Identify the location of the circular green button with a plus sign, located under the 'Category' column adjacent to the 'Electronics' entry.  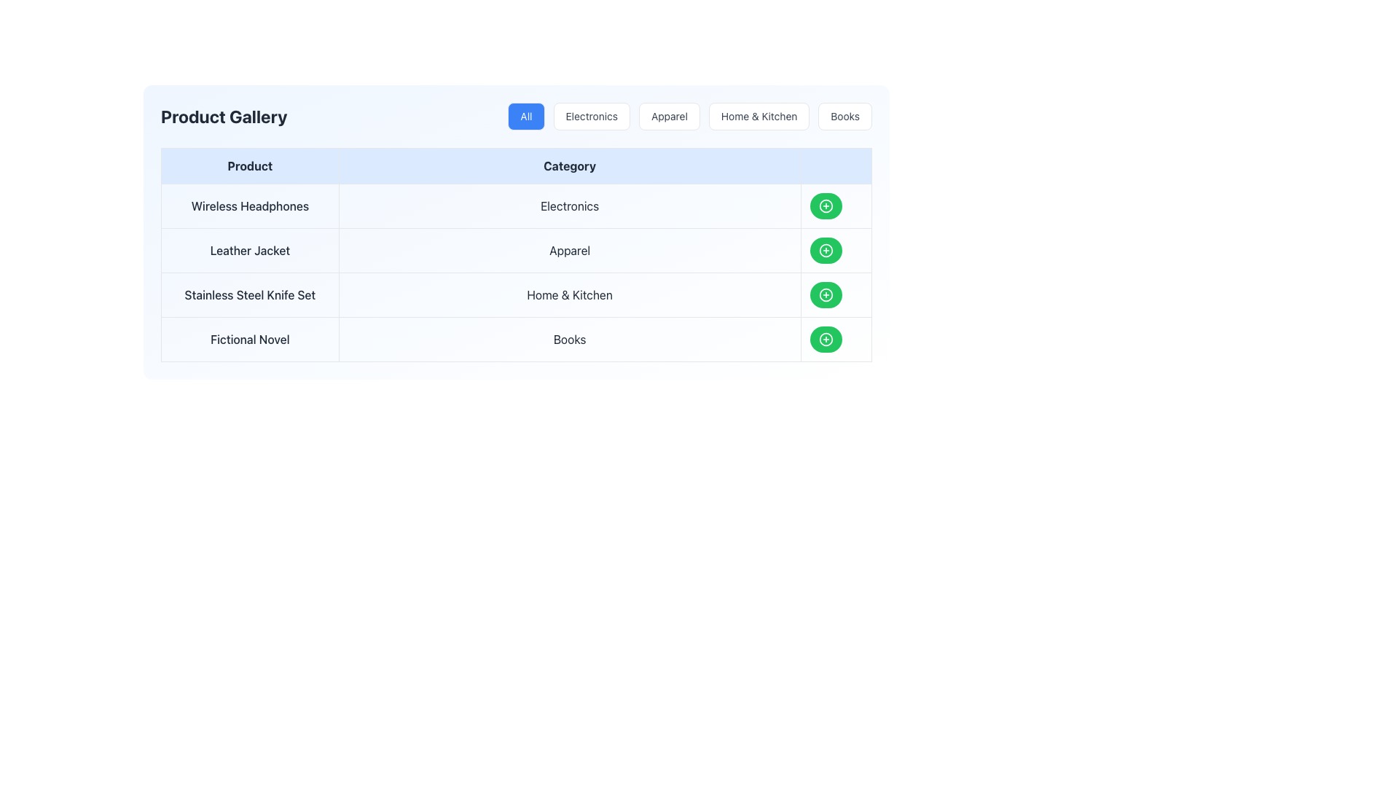
(826, 205).